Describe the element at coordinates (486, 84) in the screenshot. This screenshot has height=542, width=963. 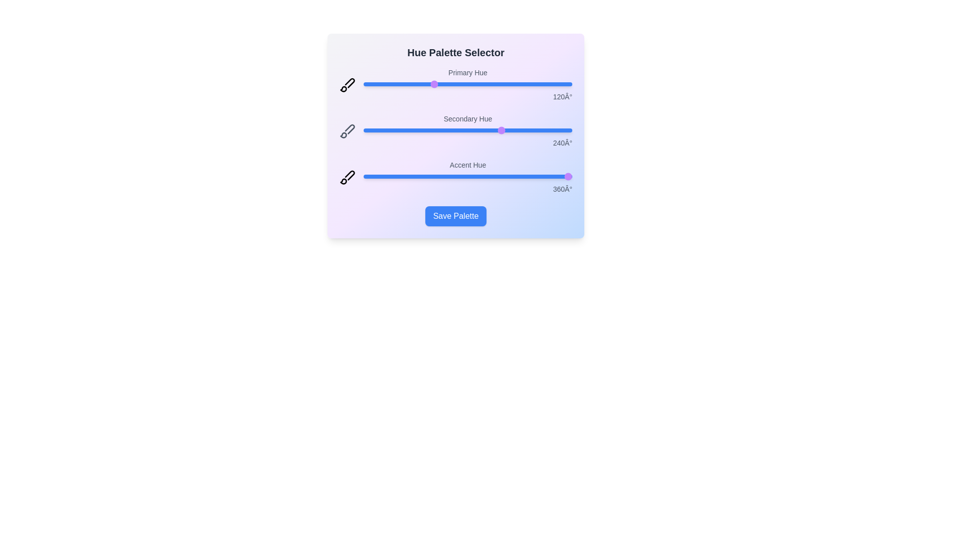
I see `the 'Primary Hue' slider to 212 degrees` at that location.